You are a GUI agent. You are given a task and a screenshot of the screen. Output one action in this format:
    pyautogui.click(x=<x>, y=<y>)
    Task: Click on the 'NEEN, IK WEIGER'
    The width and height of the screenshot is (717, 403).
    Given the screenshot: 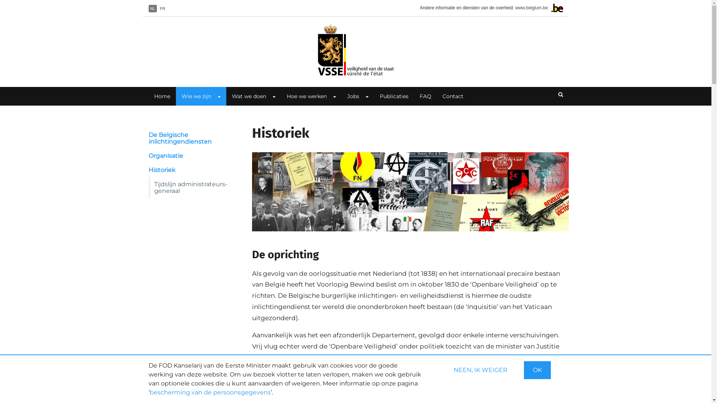 What is the action you would take?
    pyautogui.click(x=480, y=370)
    